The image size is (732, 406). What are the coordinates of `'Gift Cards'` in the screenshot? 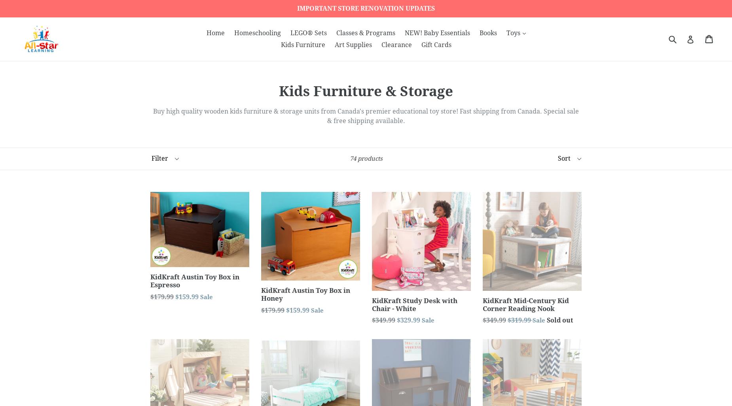 It's located at (436, 45).